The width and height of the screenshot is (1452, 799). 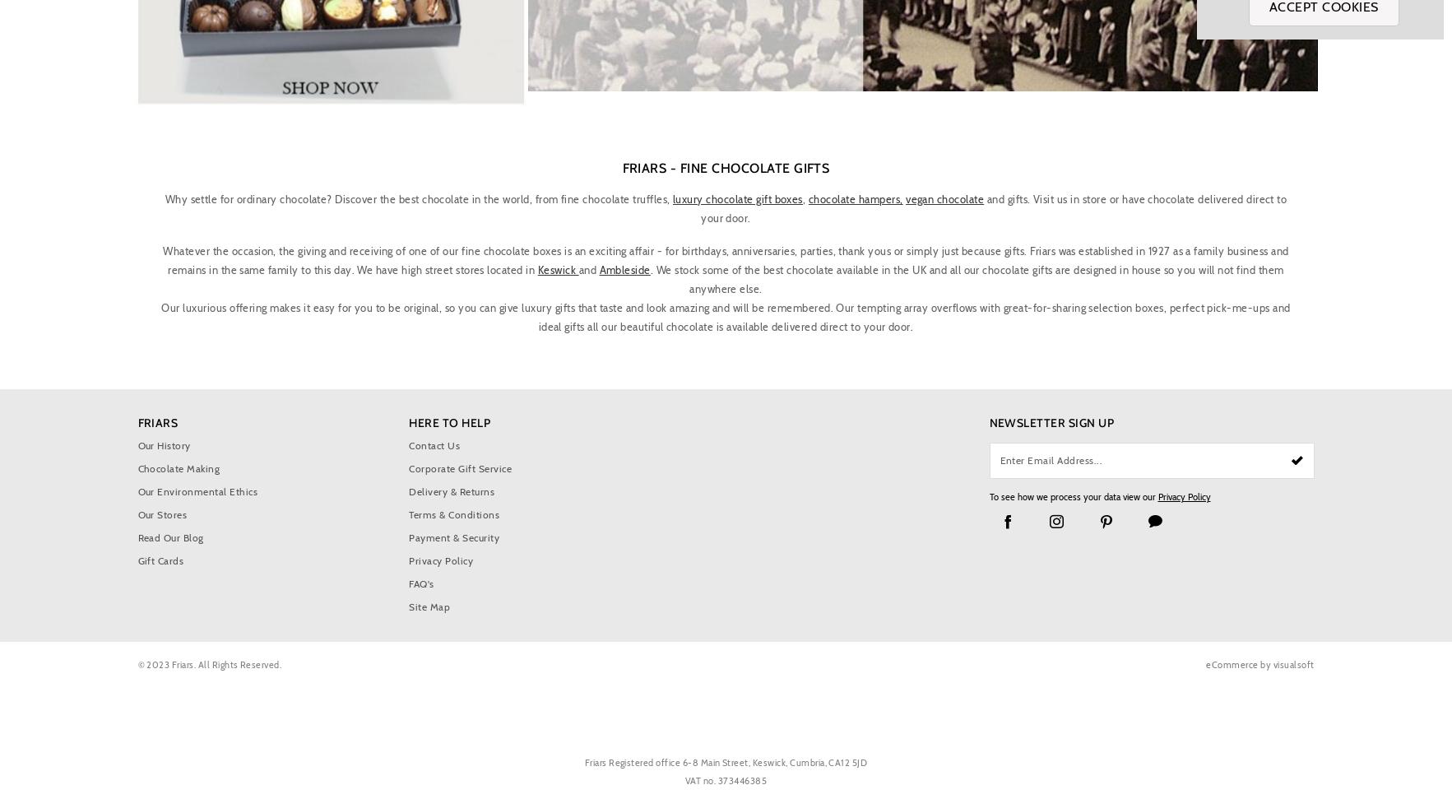 What do you see at coordinates (993, 208) in the screenshot?
I see `'and gifts. Visit us in store or have chocolate delivered direct to your door.'` at bounding box center [993, 208].